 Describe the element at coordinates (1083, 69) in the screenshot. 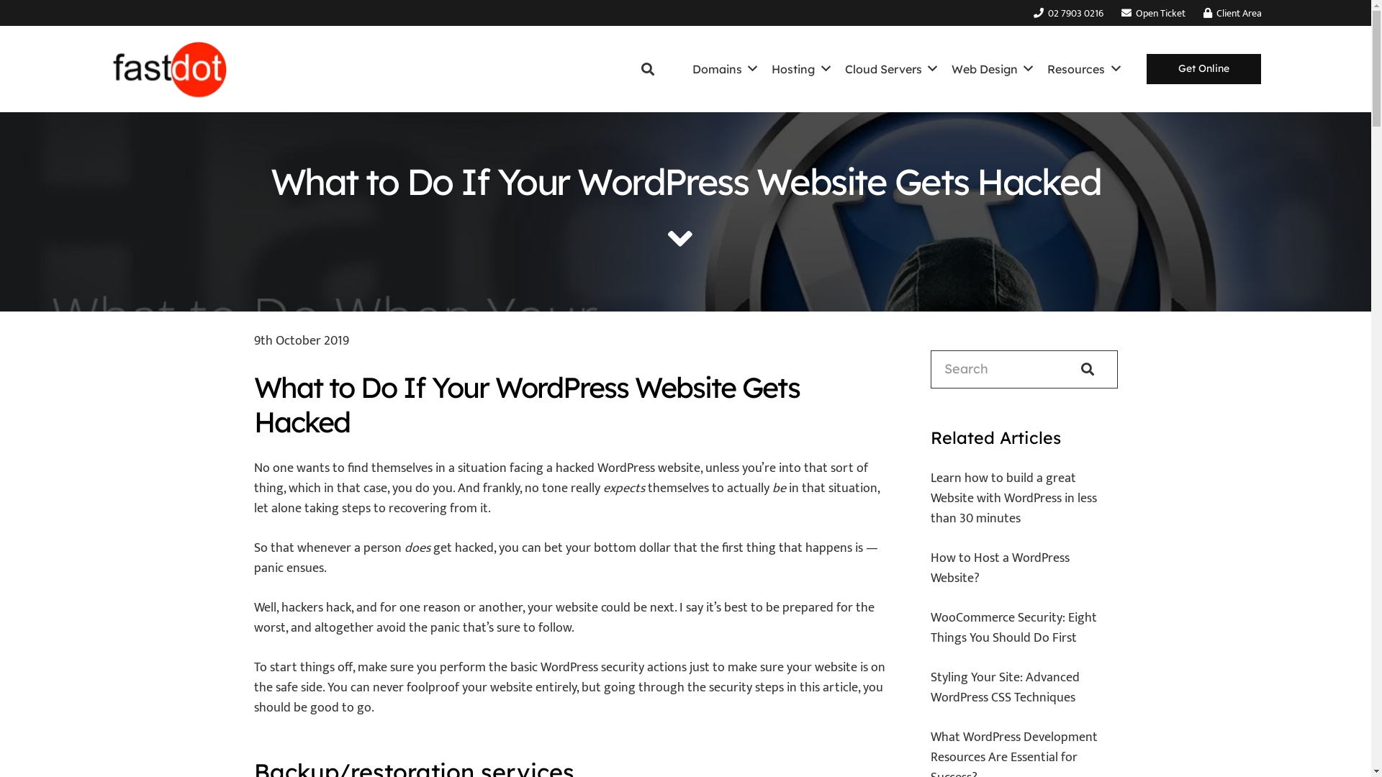

I see `'Resources'` at that location.